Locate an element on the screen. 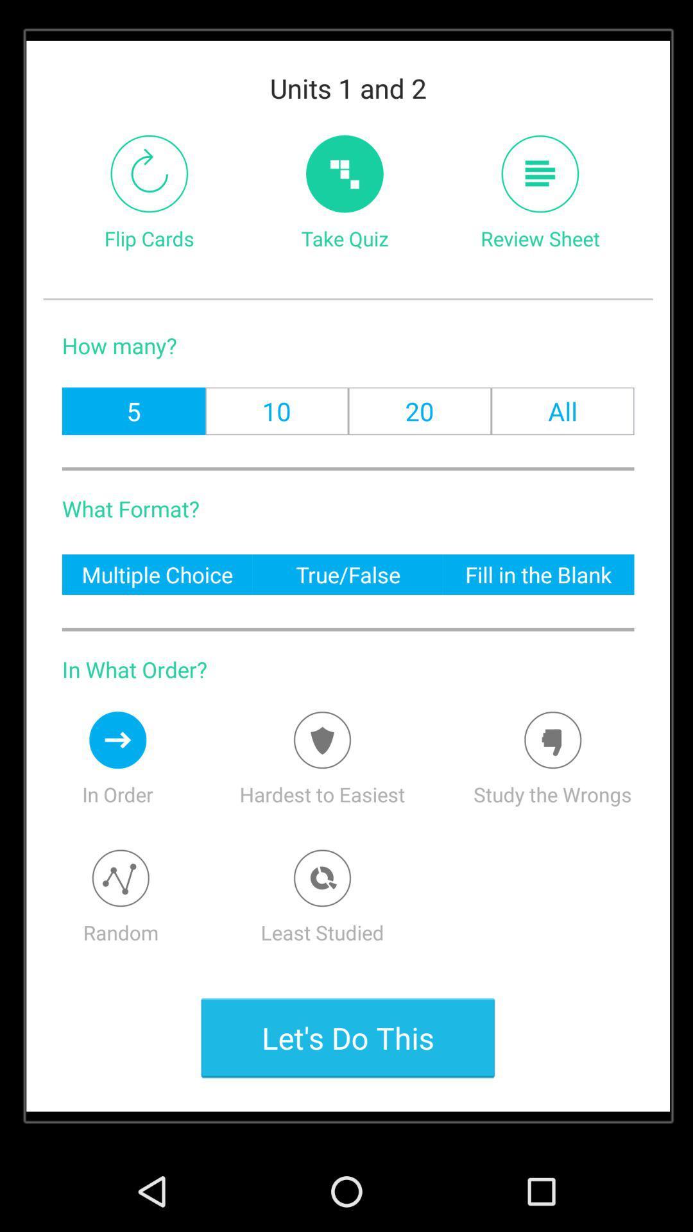 Image resolution: width=693 pixels, height=1232 pixels. hardest to easiest questions is located at coordinates (321, 740).